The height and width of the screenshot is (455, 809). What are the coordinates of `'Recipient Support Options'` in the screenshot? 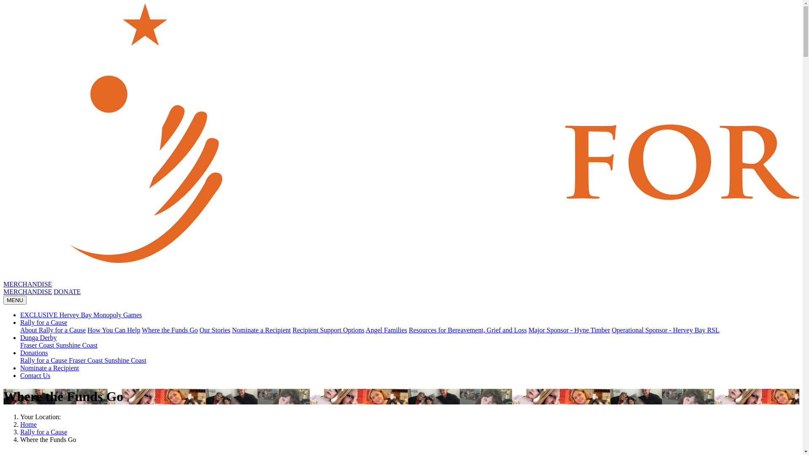 It's located at (328, 329).